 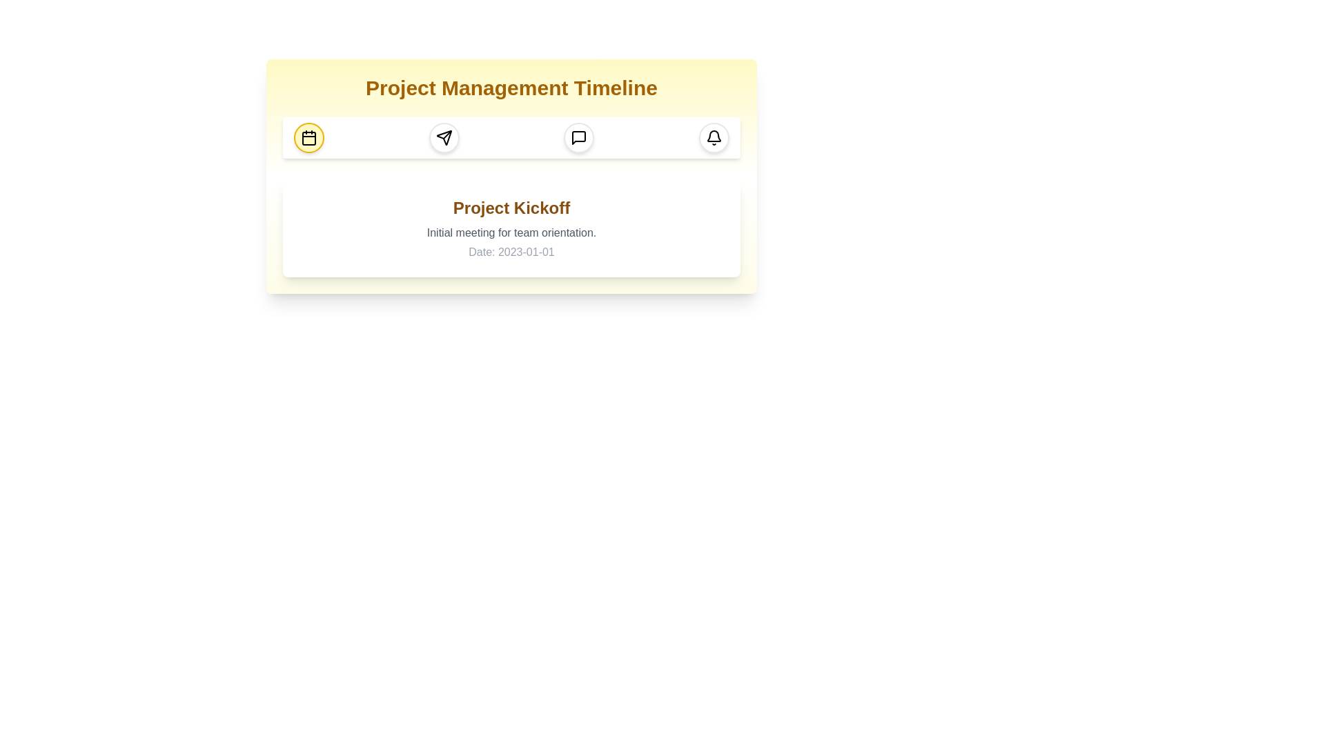 What do you see at coordinates (714, 138) in the screenshot?
I see `the bell icon at the rightmost end of the row of circular buttons` at bounding box center [714, 138].